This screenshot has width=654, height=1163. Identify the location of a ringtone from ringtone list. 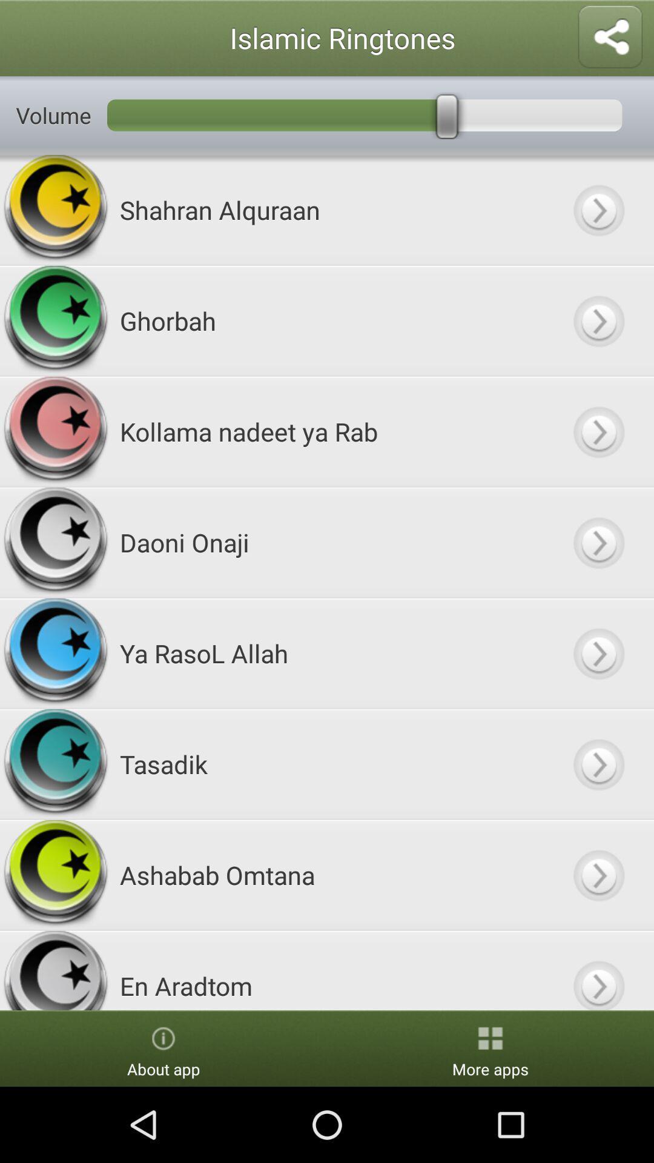
(598, 320).